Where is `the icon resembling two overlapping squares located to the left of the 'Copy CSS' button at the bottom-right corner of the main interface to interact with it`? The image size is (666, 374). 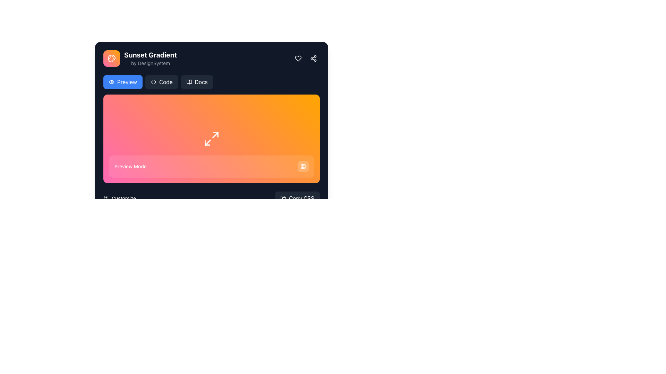 the icon resembling two overlapping squares located to the left of the 'Copy CSS' button at the bottom-right corner of the main interface to interact with it is located at coordinates (283, 198).